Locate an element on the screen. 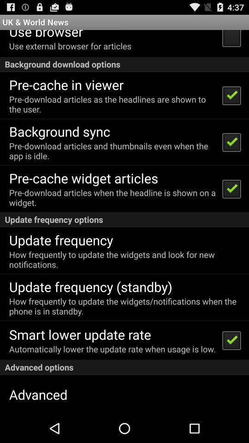  advanced options is located at coordinates (125, 367).